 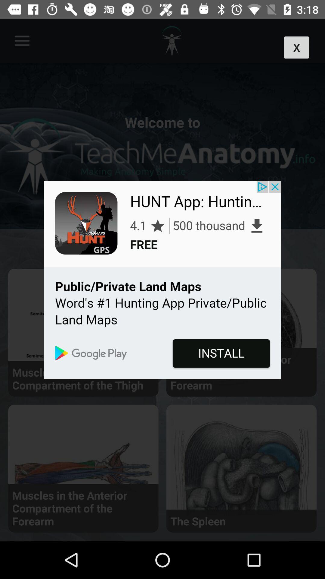 What do you see at coordinates (162, 280) in the screenshot?
I see `hunt app advertisement pop-up` at bounding box center [162, 280].